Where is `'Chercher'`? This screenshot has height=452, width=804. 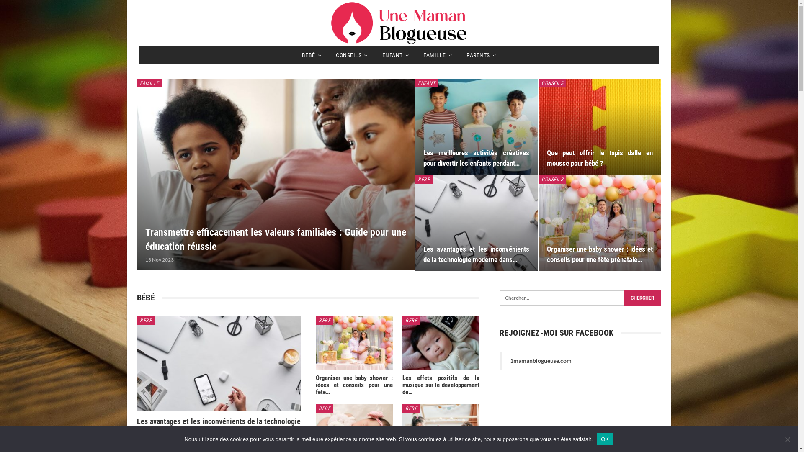 'Chercher' is located at coordinates (642, 298).